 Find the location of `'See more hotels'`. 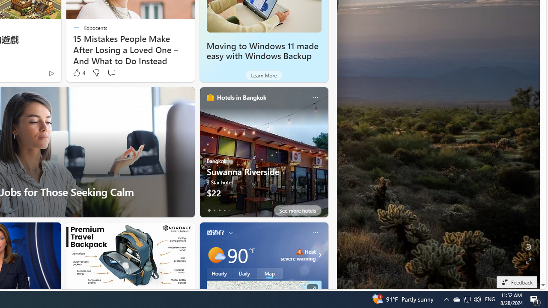

'See more hotels' is located at coordinates (298, 210).